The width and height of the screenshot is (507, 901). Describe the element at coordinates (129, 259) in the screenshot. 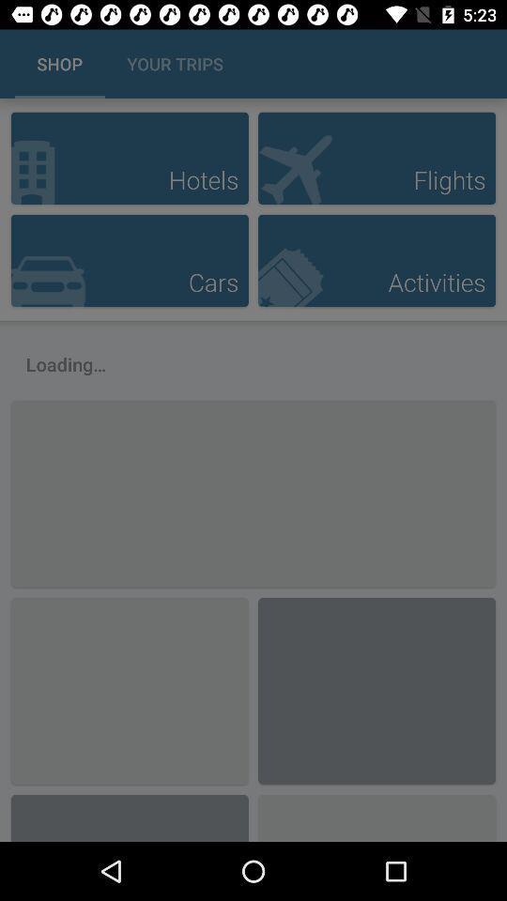

I see `cars option` at that location.